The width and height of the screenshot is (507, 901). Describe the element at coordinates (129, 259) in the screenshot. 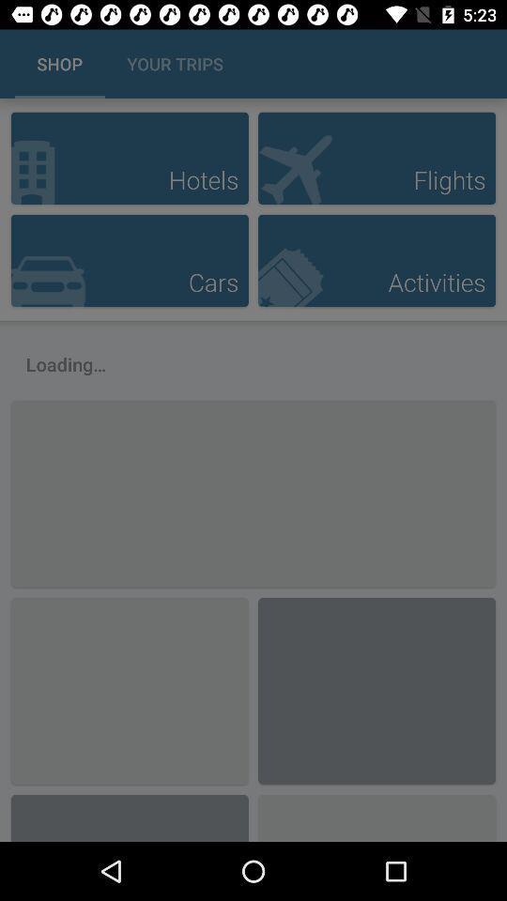

I see `cars option` at that location.